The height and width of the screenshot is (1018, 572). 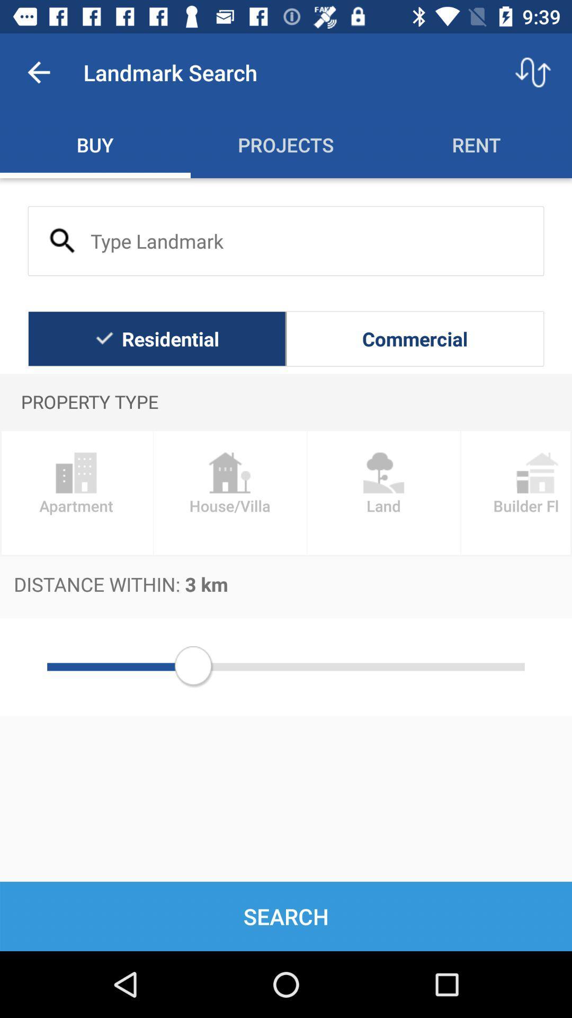 I want to click on the apartment item, so click(x=76, y=492).